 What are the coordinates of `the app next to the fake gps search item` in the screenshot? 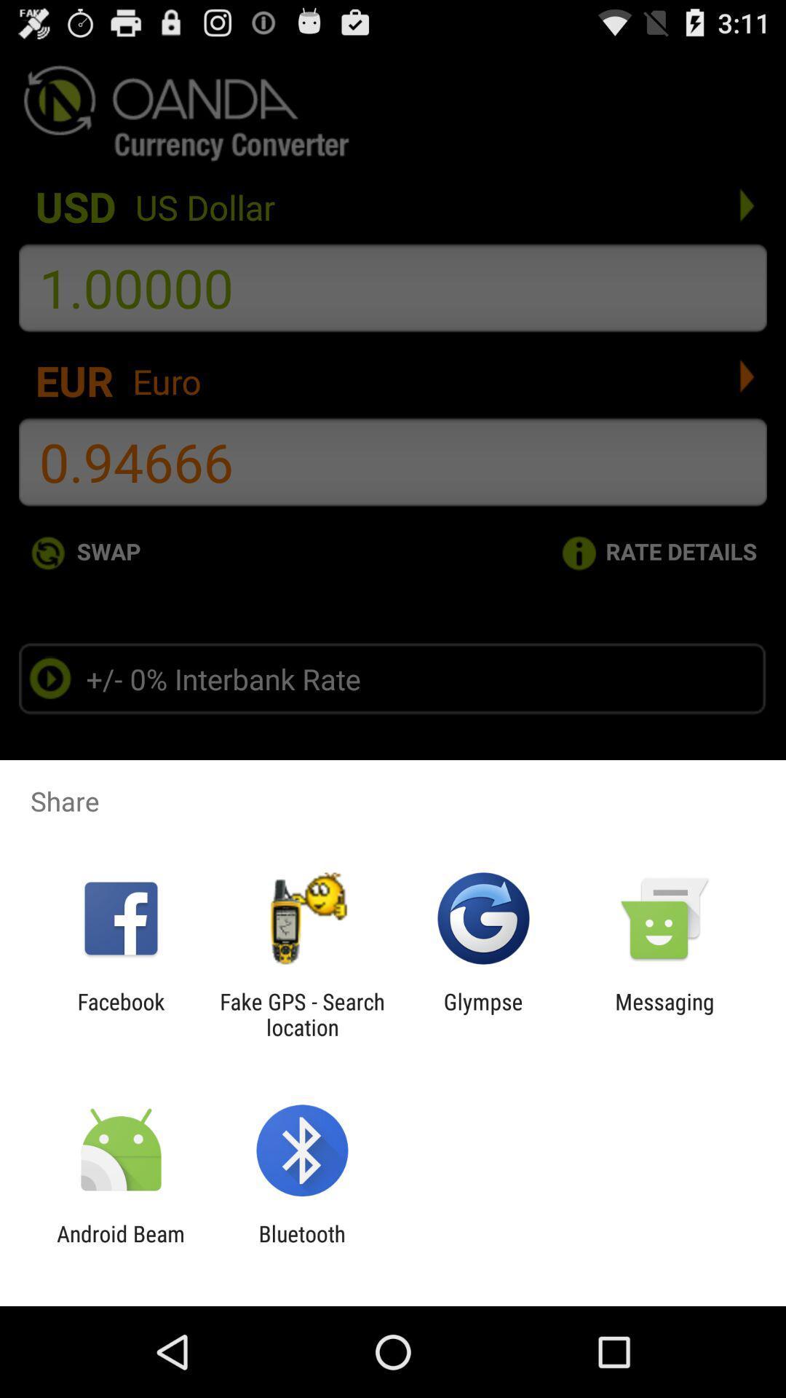 It's located at (120, 1014).